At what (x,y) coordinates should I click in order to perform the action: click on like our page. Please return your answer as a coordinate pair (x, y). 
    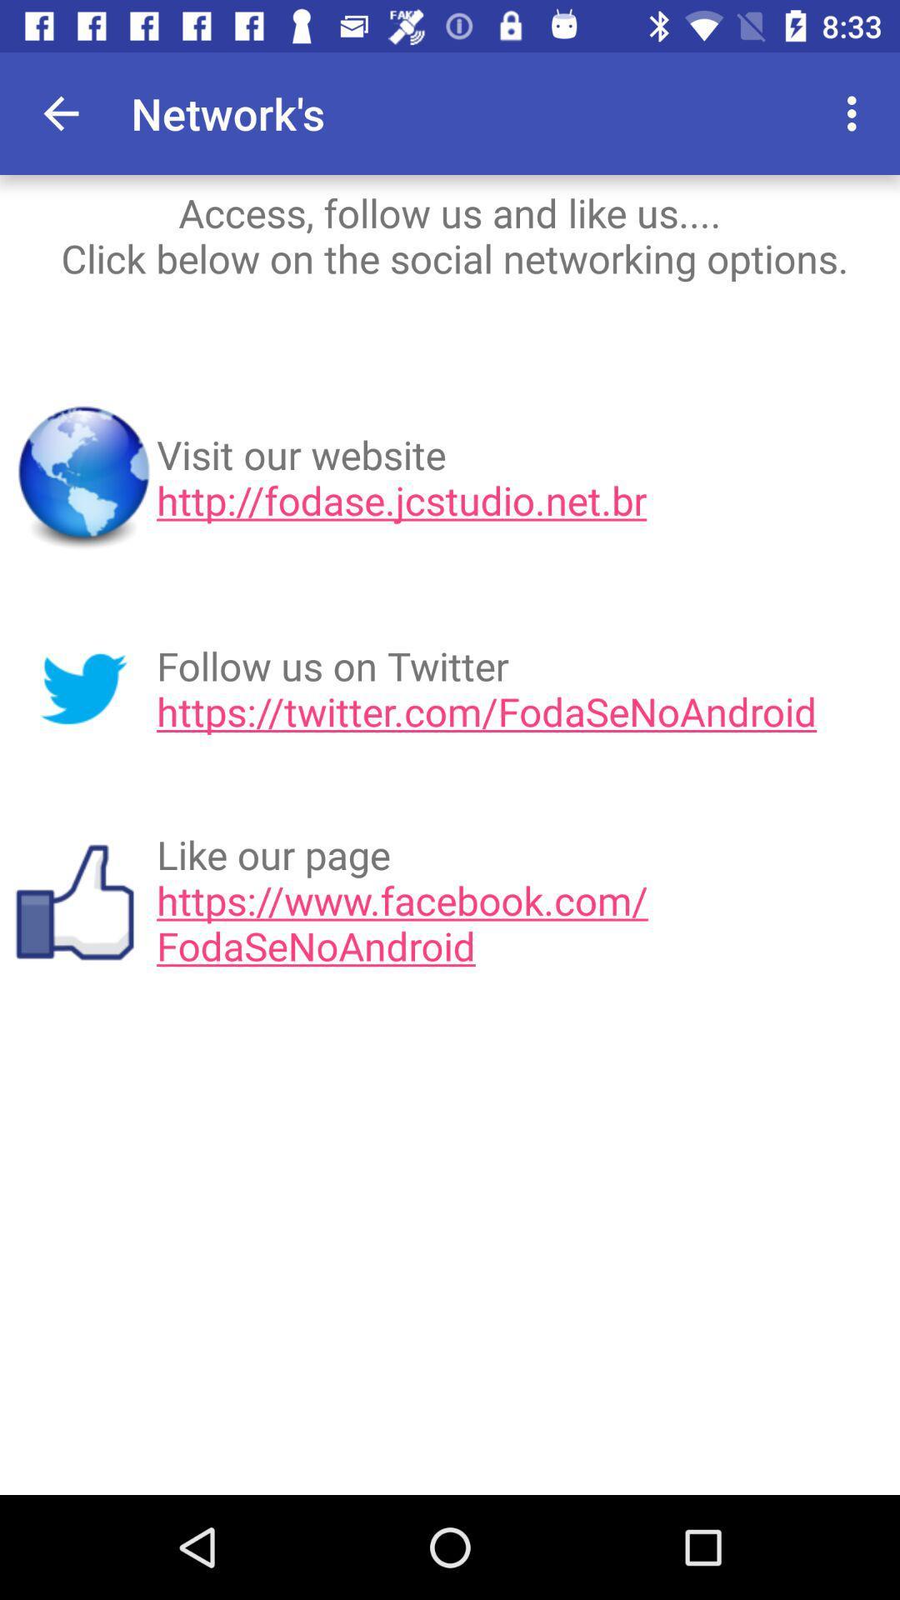
    Looking at the image, I should click on (522, 899).